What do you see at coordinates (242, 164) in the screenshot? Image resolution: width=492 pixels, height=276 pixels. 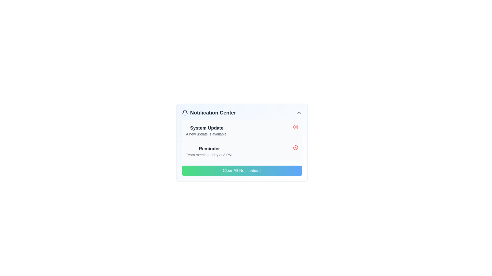 I see `the 'Clear All Notifications' button located at the bottom of the notification center, which has a white background and contains interactive content` at bounding box center [242, 164].